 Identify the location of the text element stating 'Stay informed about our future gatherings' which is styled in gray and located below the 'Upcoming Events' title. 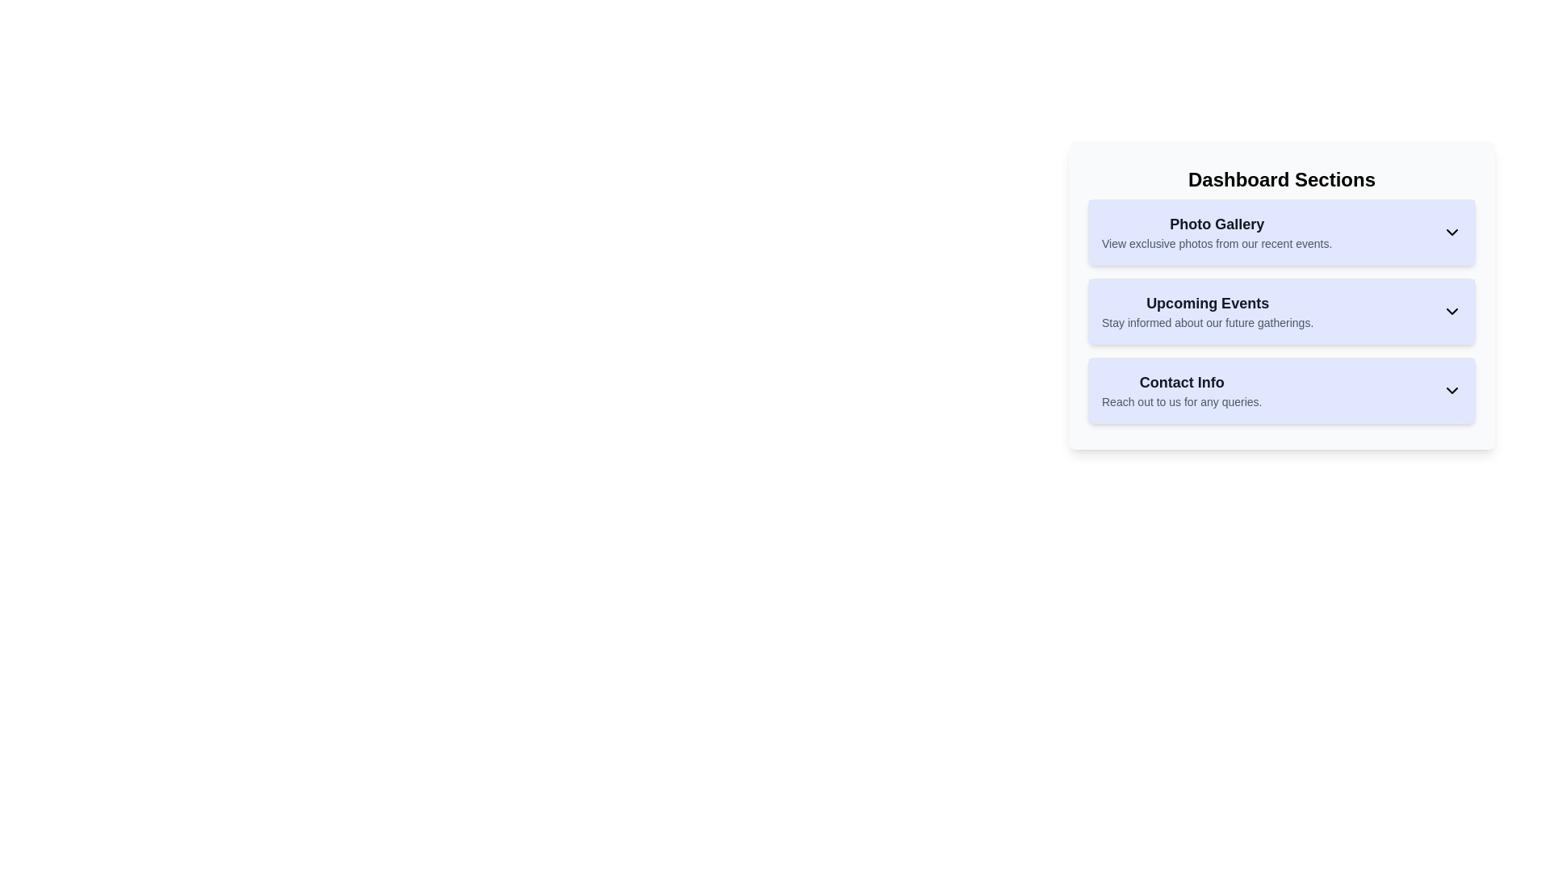
(1208, 323).